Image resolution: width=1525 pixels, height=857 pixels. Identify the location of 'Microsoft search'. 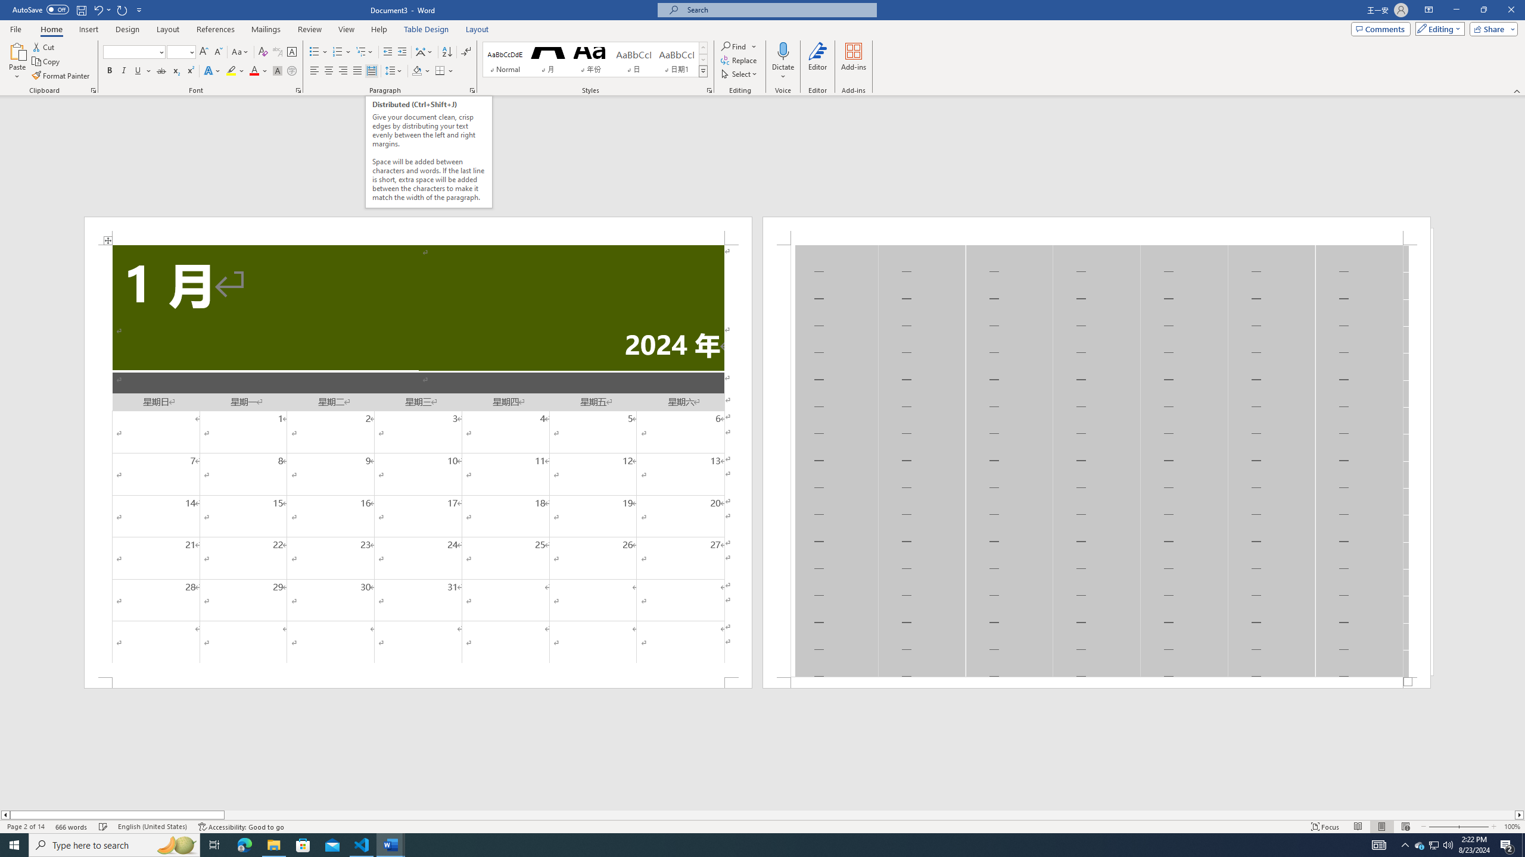
(777, 10).